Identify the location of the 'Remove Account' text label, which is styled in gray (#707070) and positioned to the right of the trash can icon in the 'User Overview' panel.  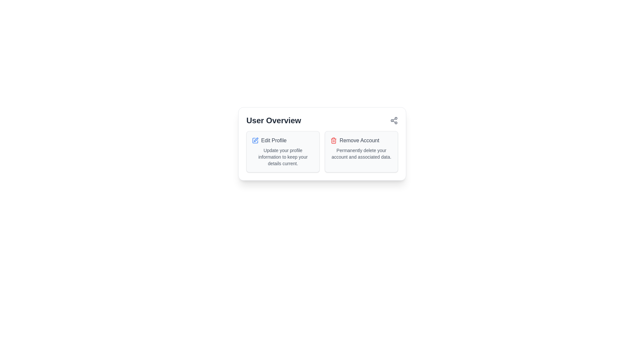
(359, 140).